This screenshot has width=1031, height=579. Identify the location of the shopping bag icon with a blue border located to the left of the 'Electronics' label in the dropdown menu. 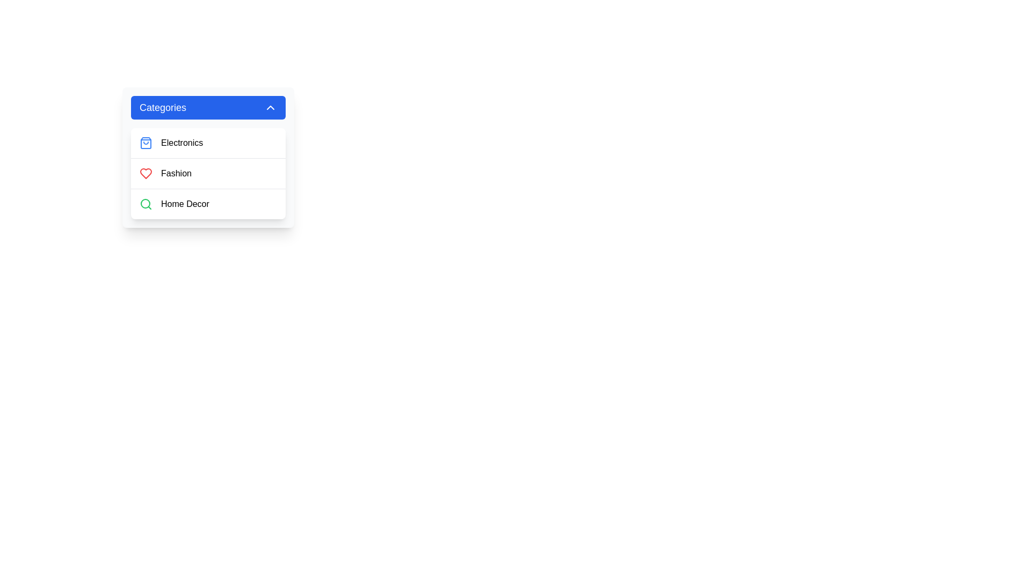
(146, 142).